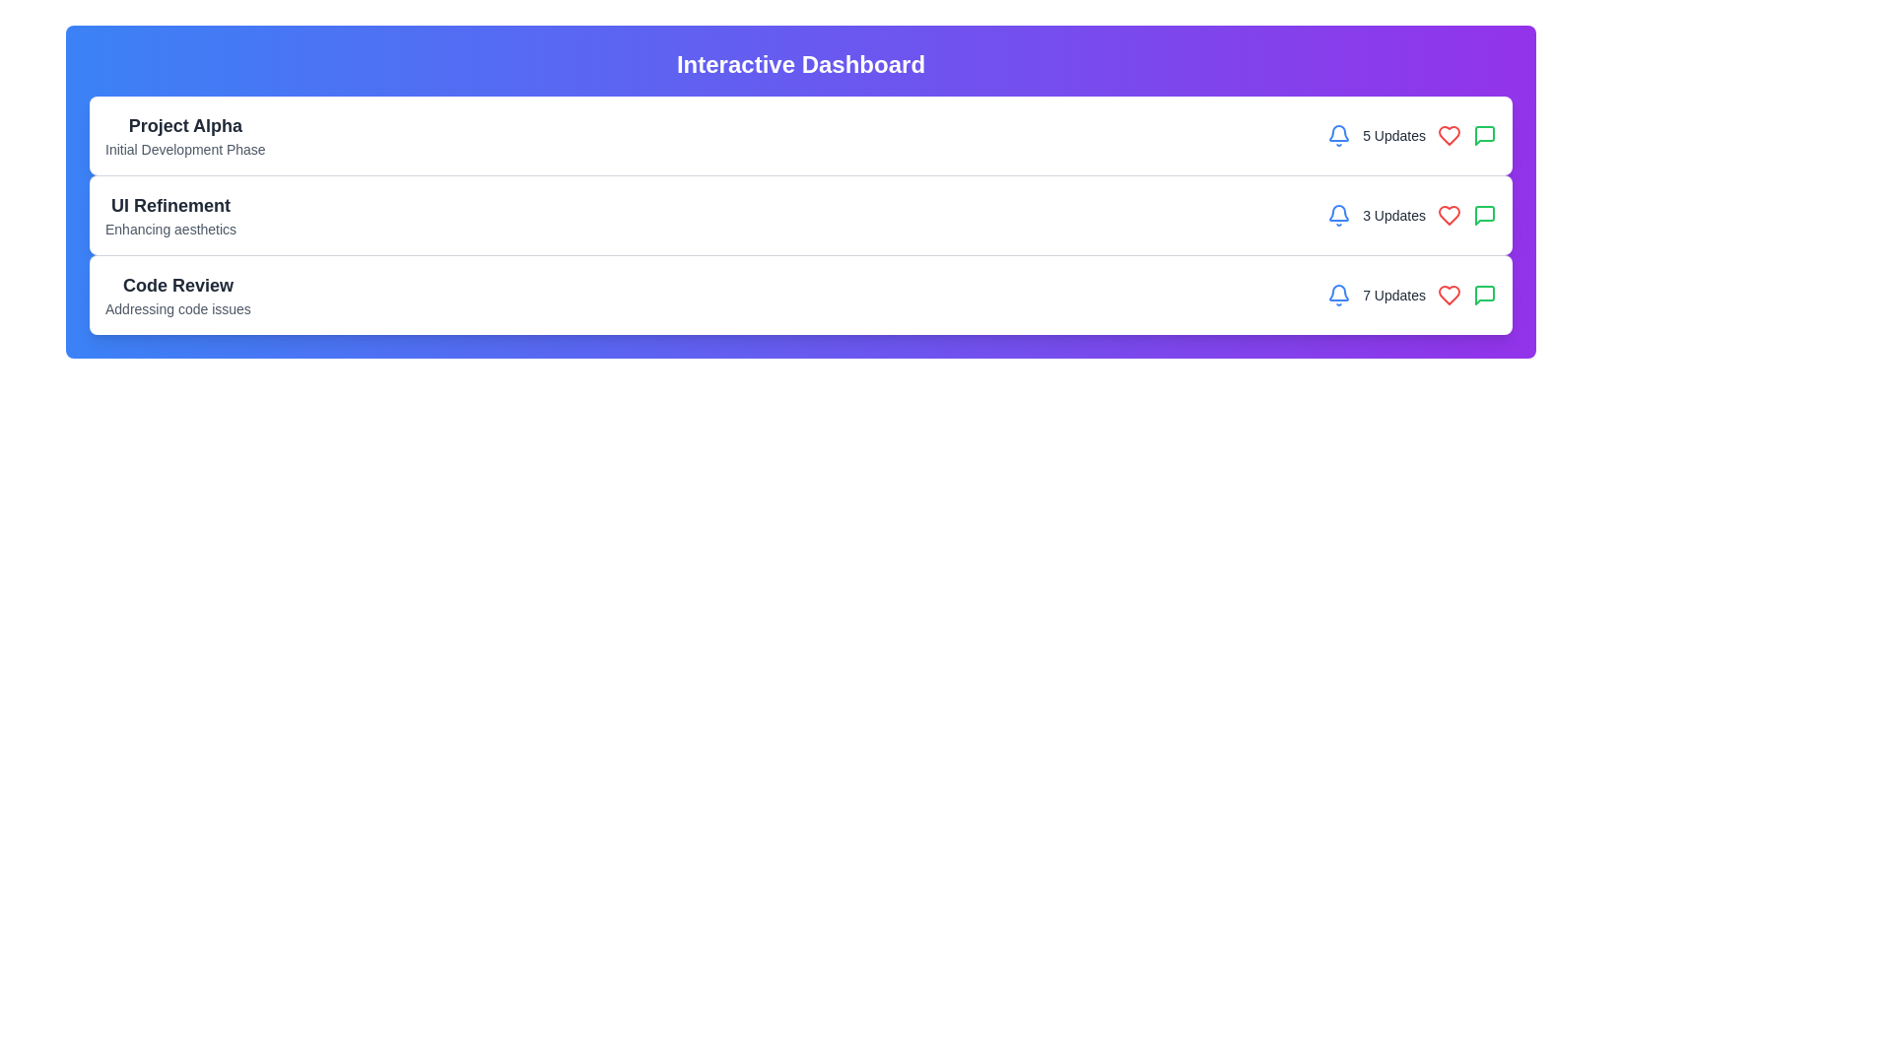  I want to click on summary information from the third card UI component in the dashboard interface, located below the 'UI Refinement' card, so click(800, 295).